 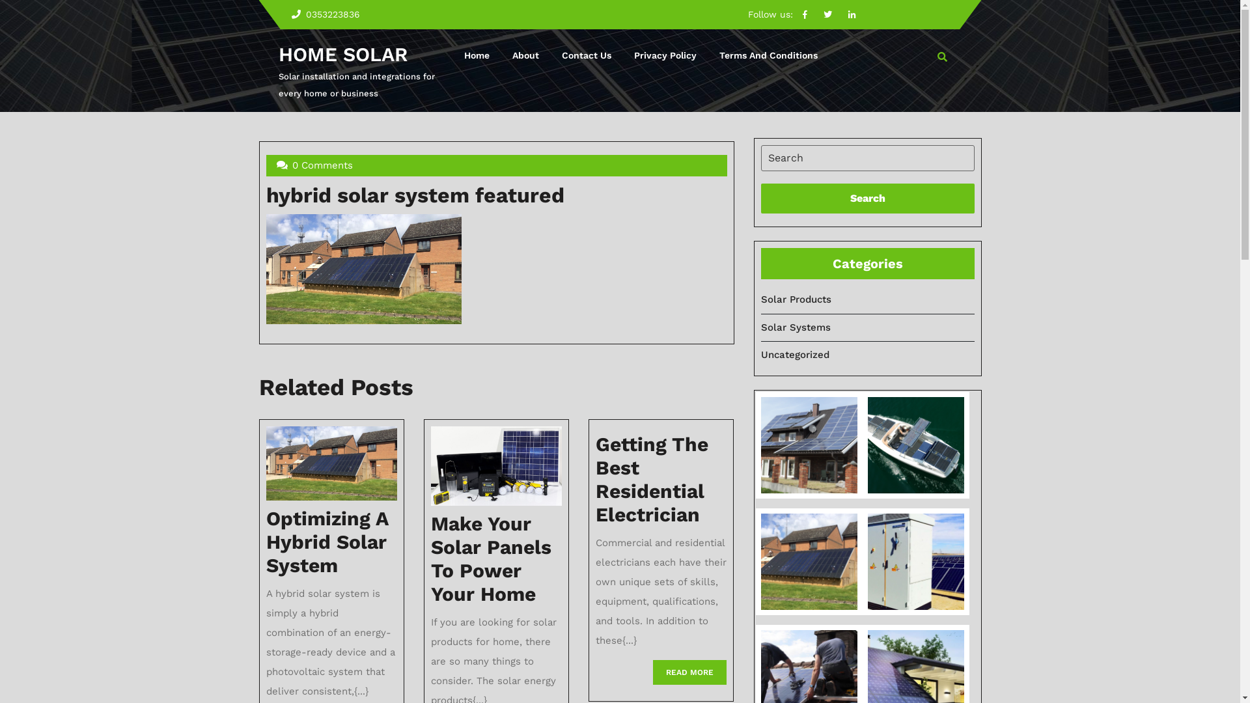 I want to click on 'Uncategorized', so click(x=794, y=354).